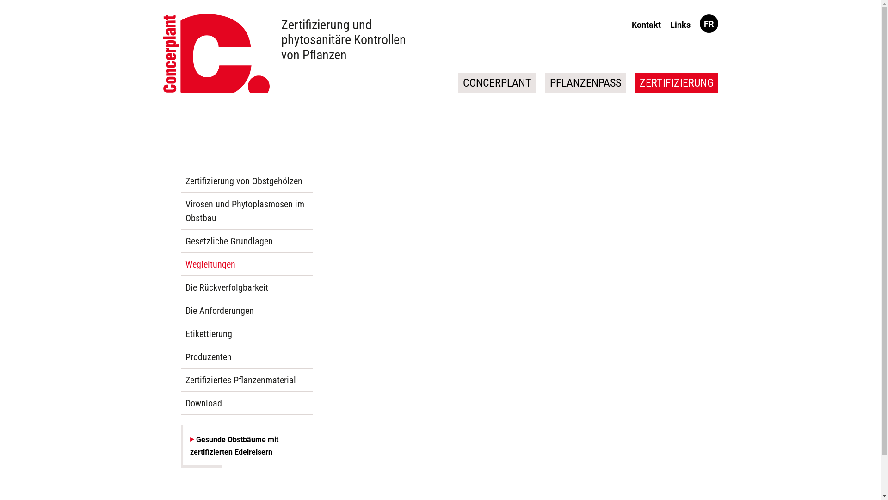 The height and width of the screenshot is (500, 888). What do you see at coordinates (629, 24) in the screenshot?
I see `'Kontakt'` at bounding box center [629, 24].